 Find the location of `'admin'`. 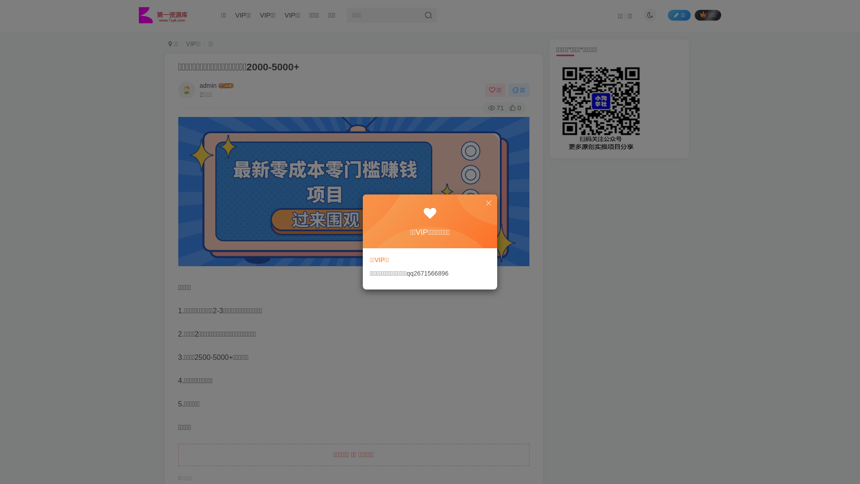

'admin' is located at coordinates (208, 86).